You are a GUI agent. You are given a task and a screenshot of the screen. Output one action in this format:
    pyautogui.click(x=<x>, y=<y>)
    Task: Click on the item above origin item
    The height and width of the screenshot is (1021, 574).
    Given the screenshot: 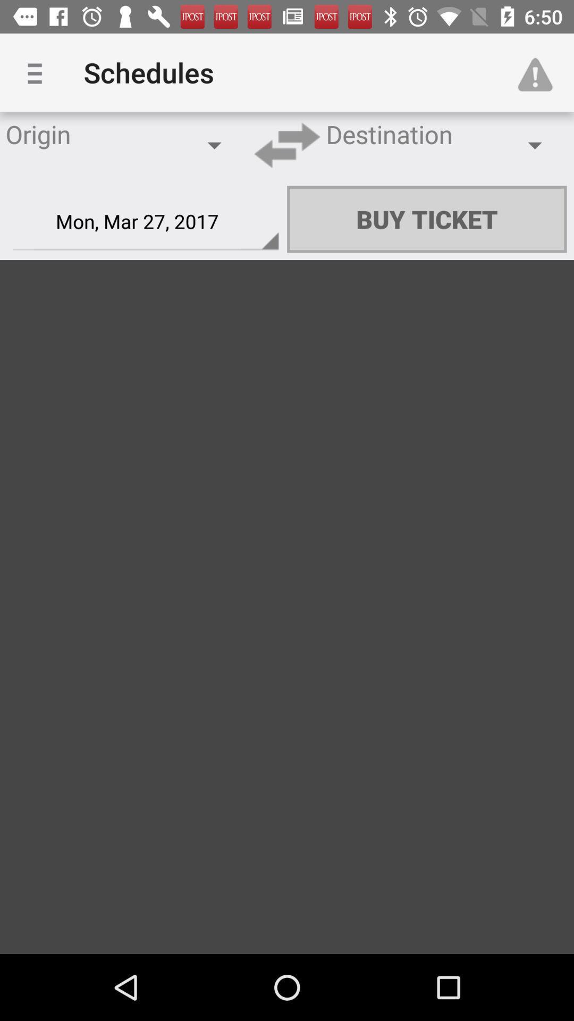 What is the action you would take?
    pyautogui.click(x=38, y=72)
    